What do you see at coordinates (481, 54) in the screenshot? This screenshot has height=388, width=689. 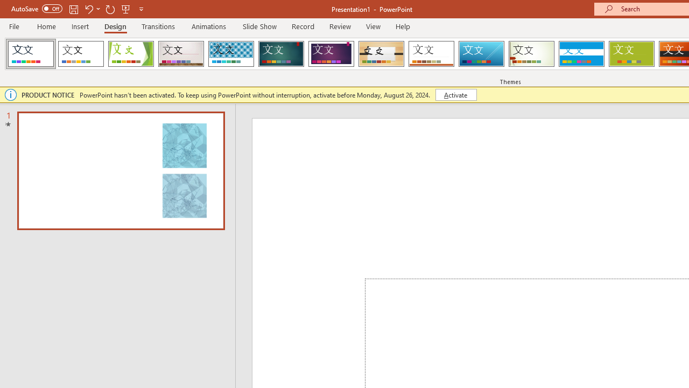 I see `'Slice'` at bounding box center [481, 54].